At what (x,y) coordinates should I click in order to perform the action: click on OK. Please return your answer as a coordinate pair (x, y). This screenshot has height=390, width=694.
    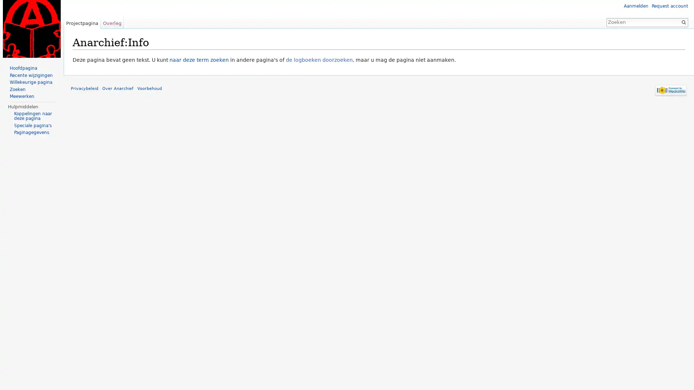
    Looking at the image, I should click on (683, 22).